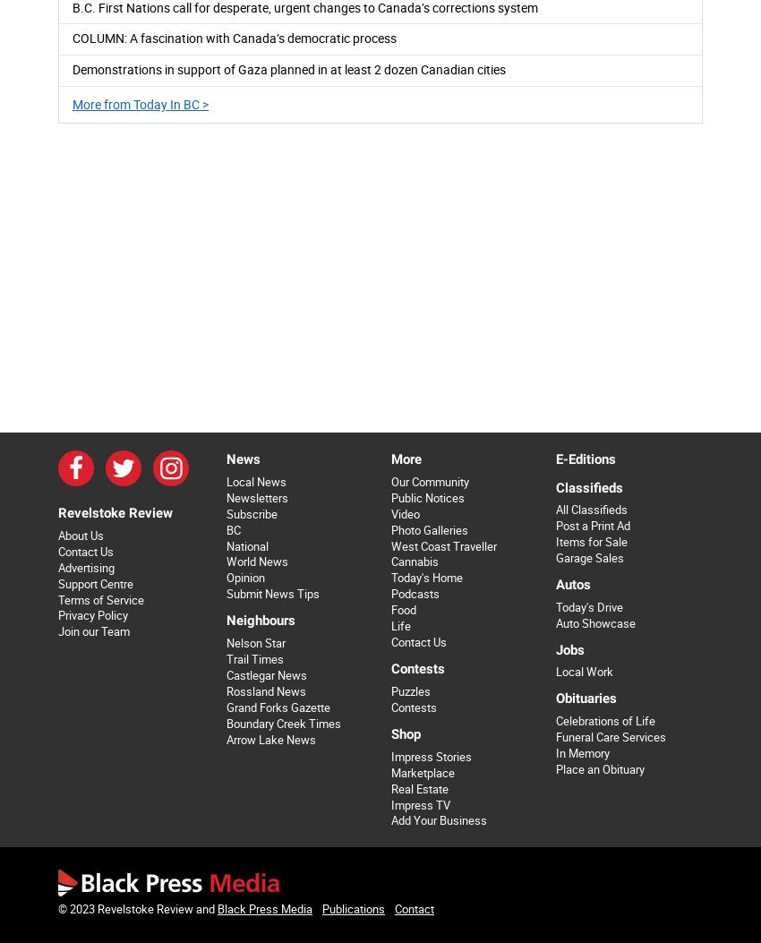 Image resolution: width=761 pixels, height=943 pixels. What do you see at coordinates (592, 526) in the screenshot?
I see `'Post a Print Ad'` at bounding box center [592, 526].